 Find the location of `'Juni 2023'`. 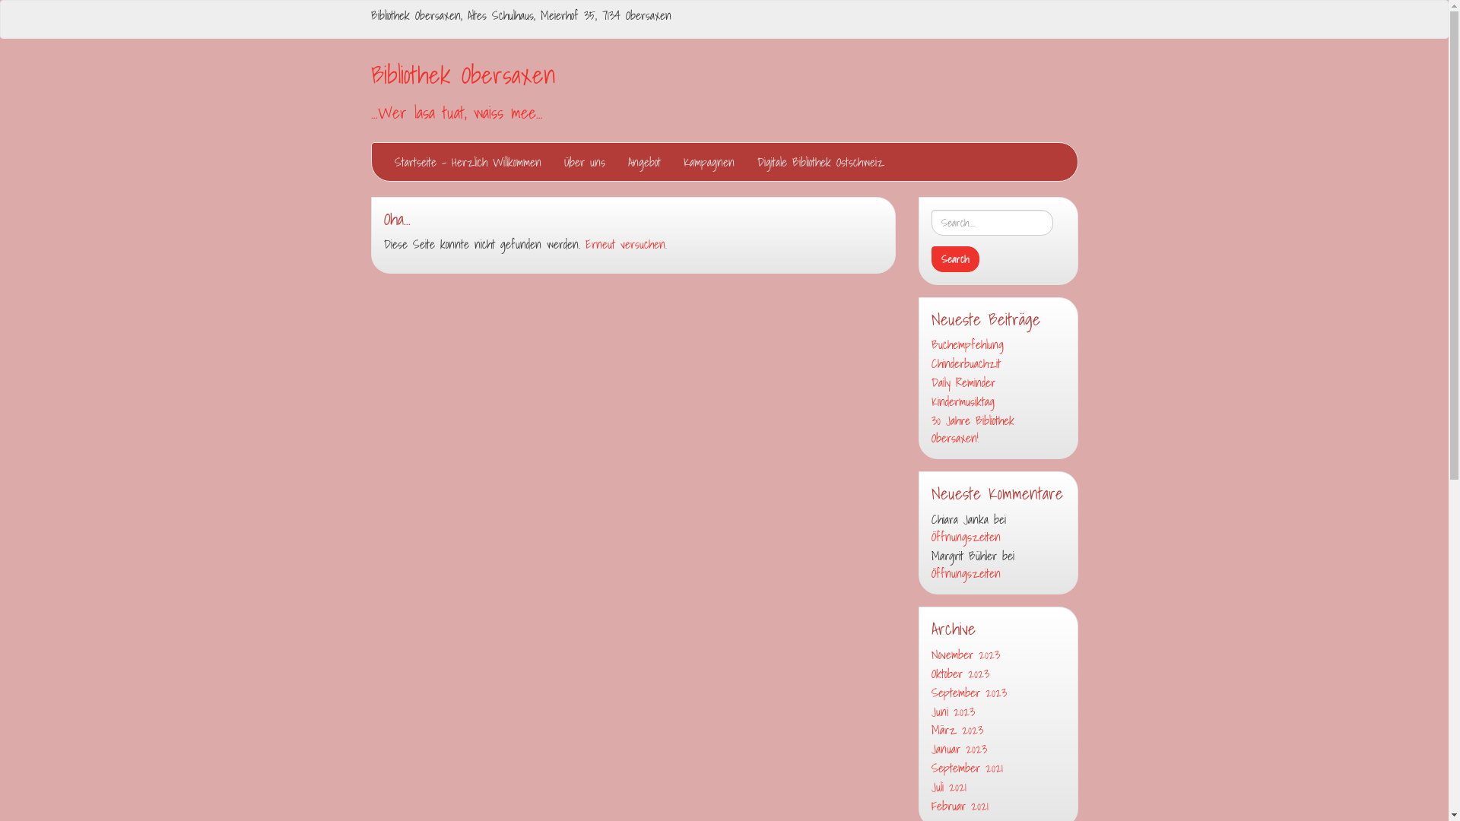

'Juni 2023' is located at coordinates (930, 712).